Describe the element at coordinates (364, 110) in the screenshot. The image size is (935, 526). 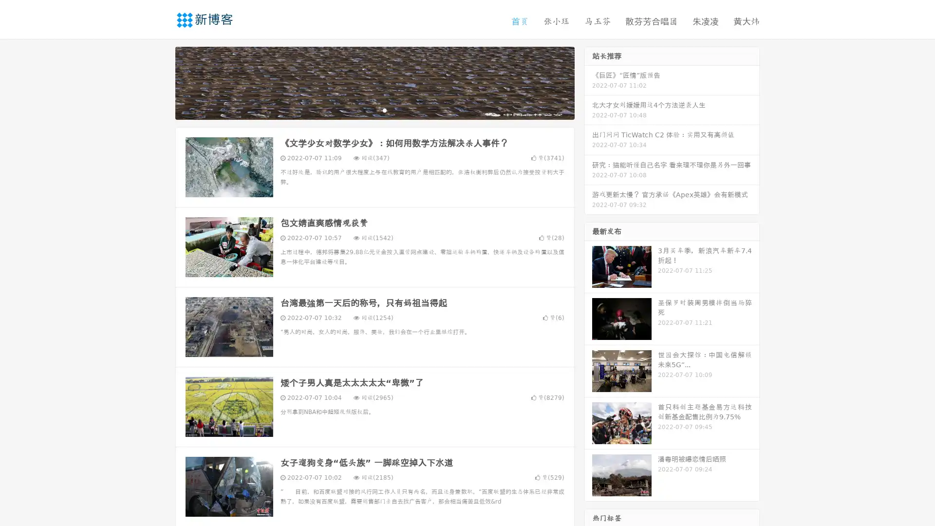
I see `Go to slide 1` at that location.